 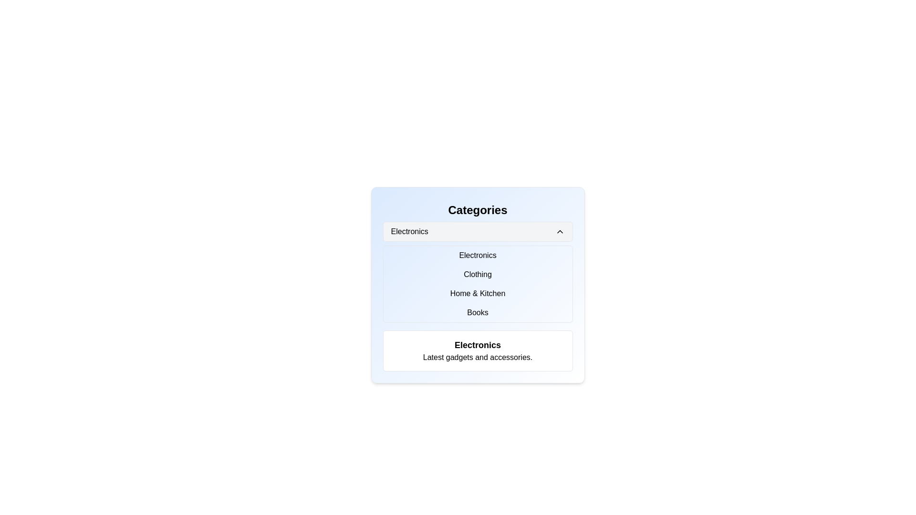 What do you see at coordinates (478, 255) in the screenshot?
I see `the 'Electronics' text label in the dropdown menu` at bounding box center [478, 255].